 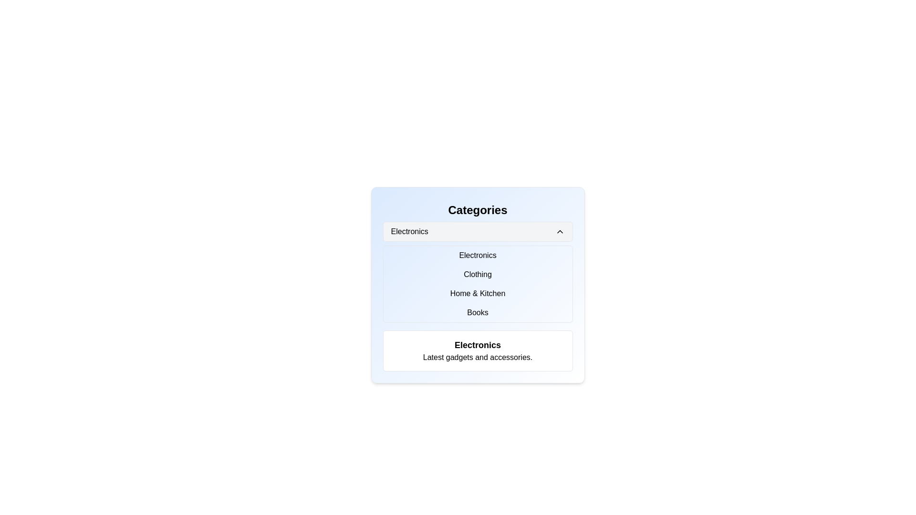 What do you see at coordinates (478, 255) in the screenshot?
I see `the 'Electronics' text label in the dropdown menu` at bounding box center [478, 255].